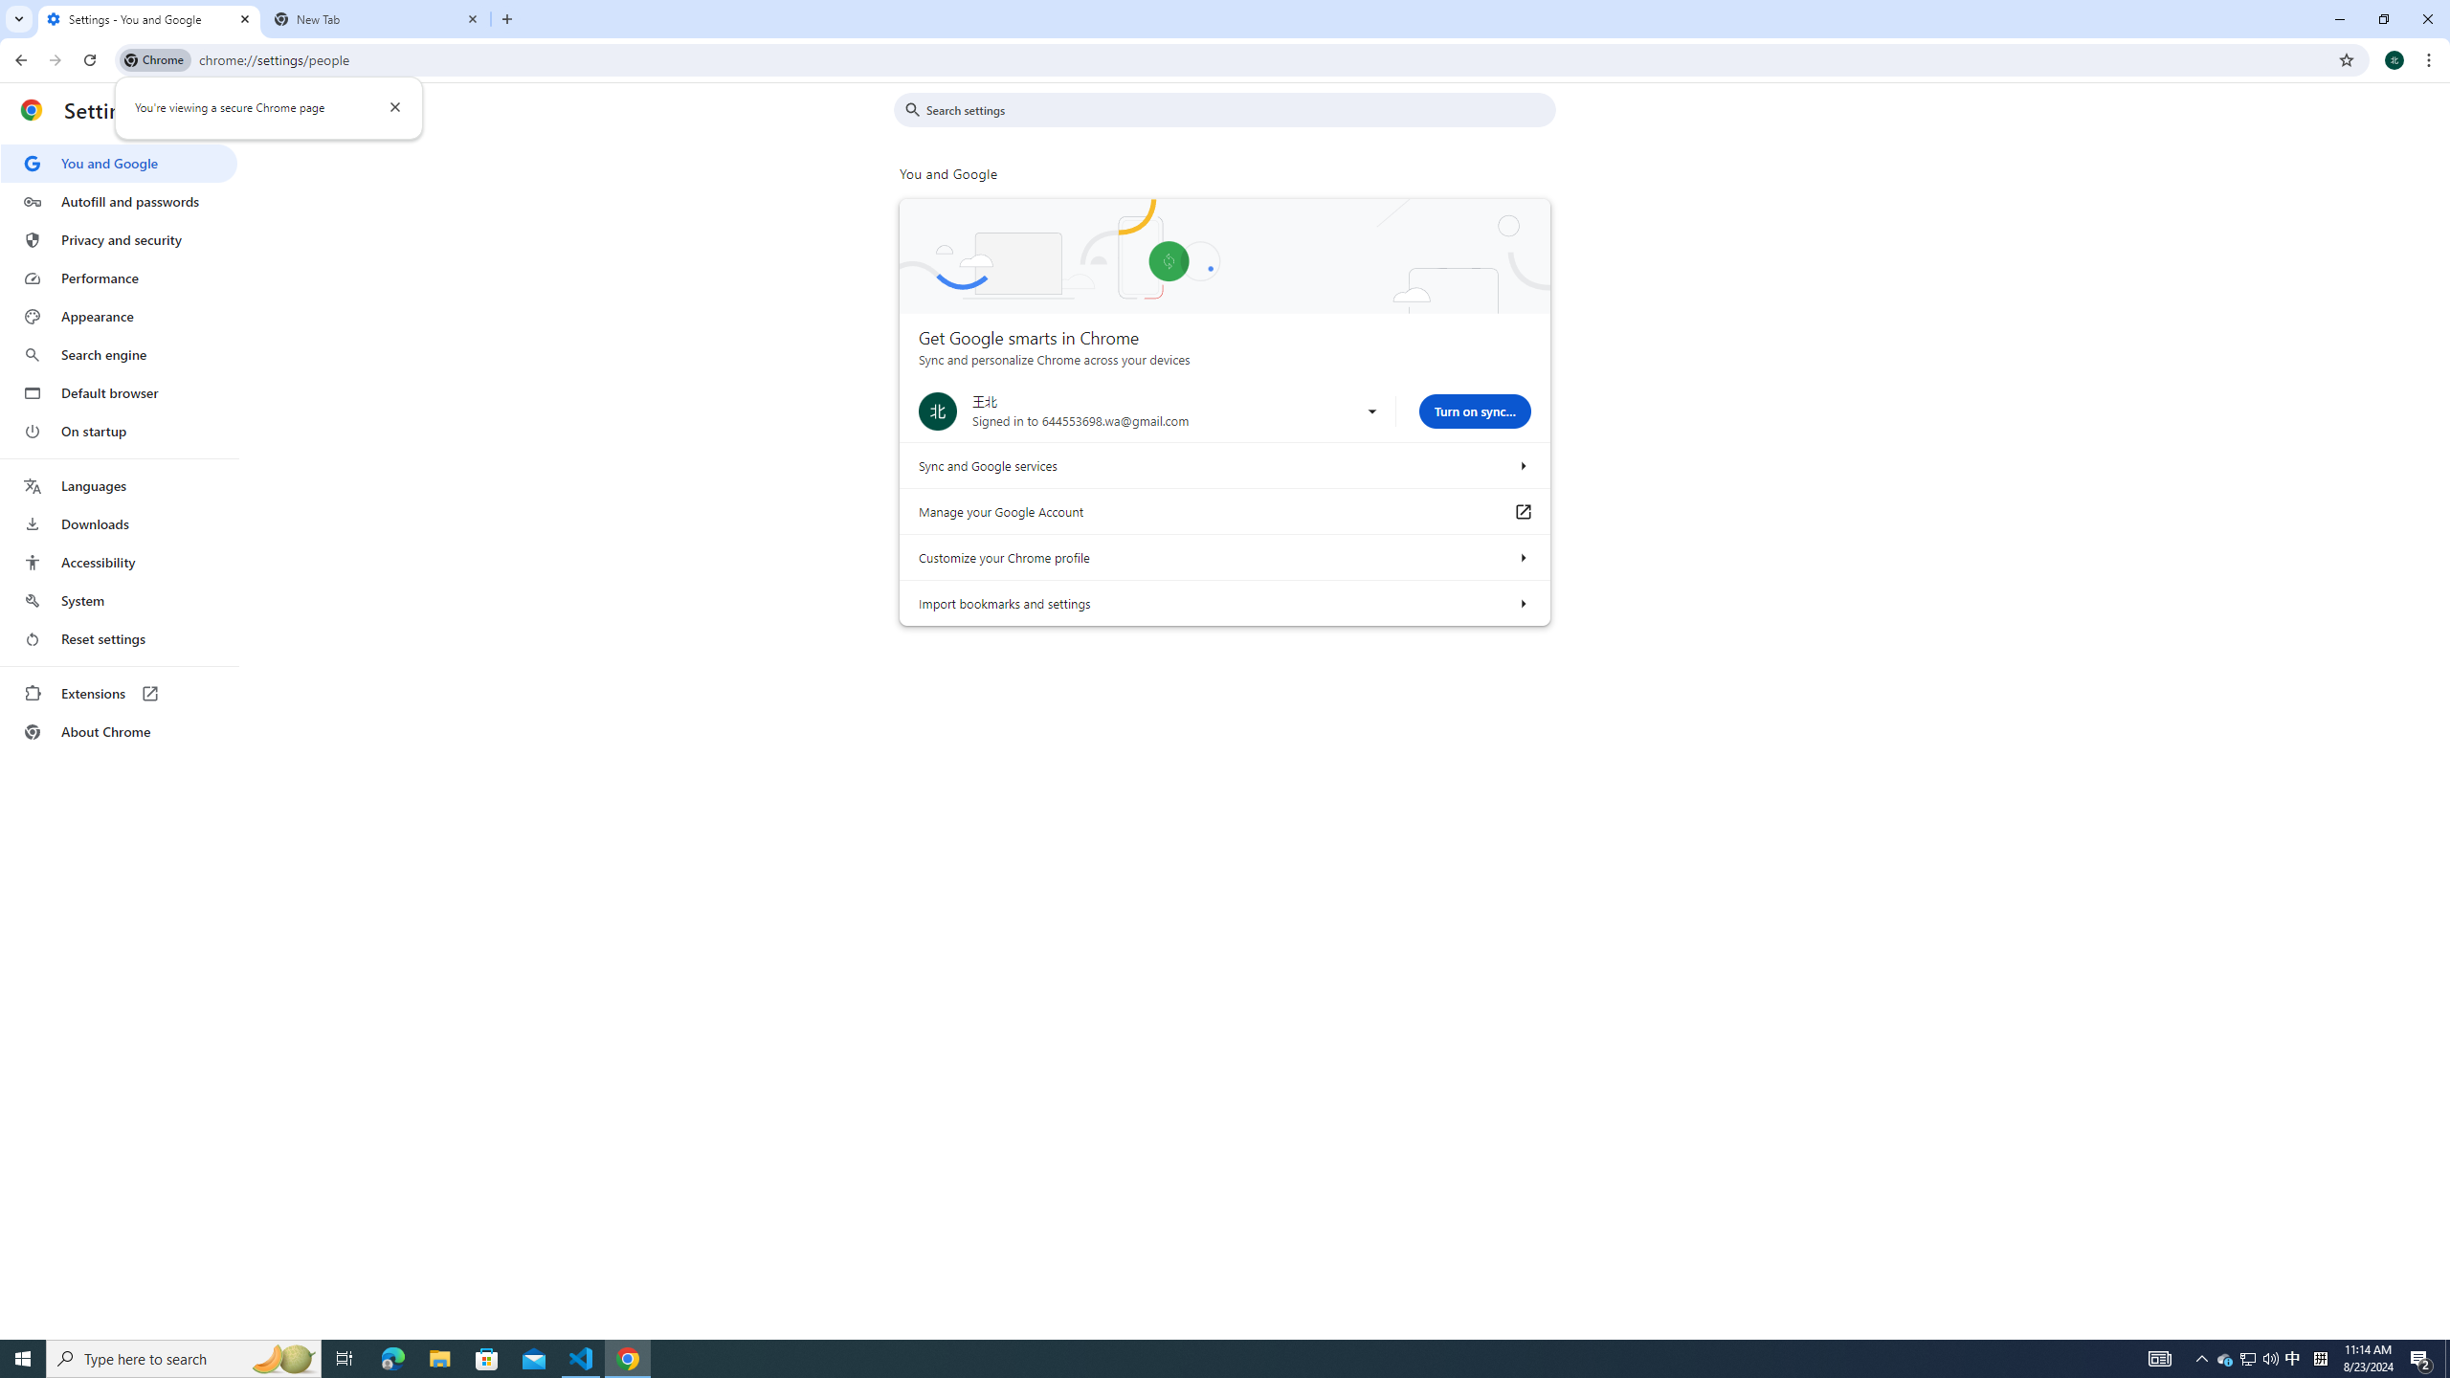  What do you see at coordinates (118, 316) in the screenshot?
I see `'Appearance'` at bounding box center [118, 316].